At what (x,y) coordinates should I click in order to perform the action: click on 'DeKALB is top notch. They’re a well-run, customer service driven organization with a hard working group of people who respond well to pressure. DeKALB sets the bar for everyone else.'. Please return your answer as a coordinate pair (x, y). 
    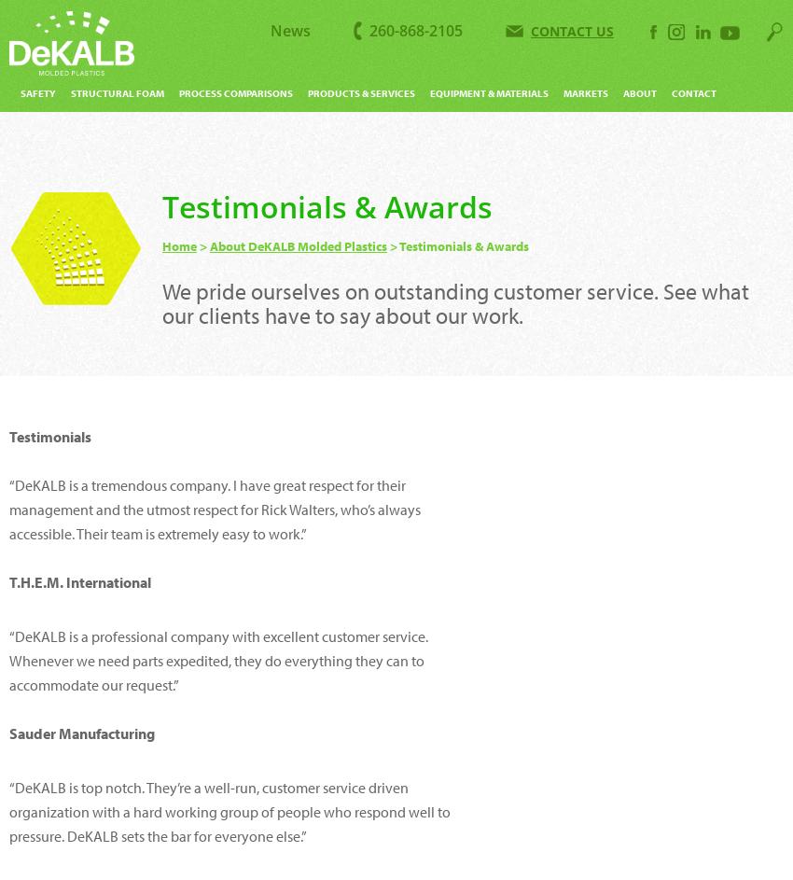
    Looking at the image, I should click on (230, 812).